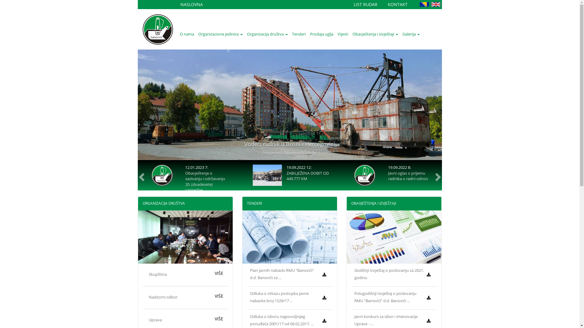 This screenshot has width=584, height=328. I want to click on 'NASLOVNA', so click(191, 4).